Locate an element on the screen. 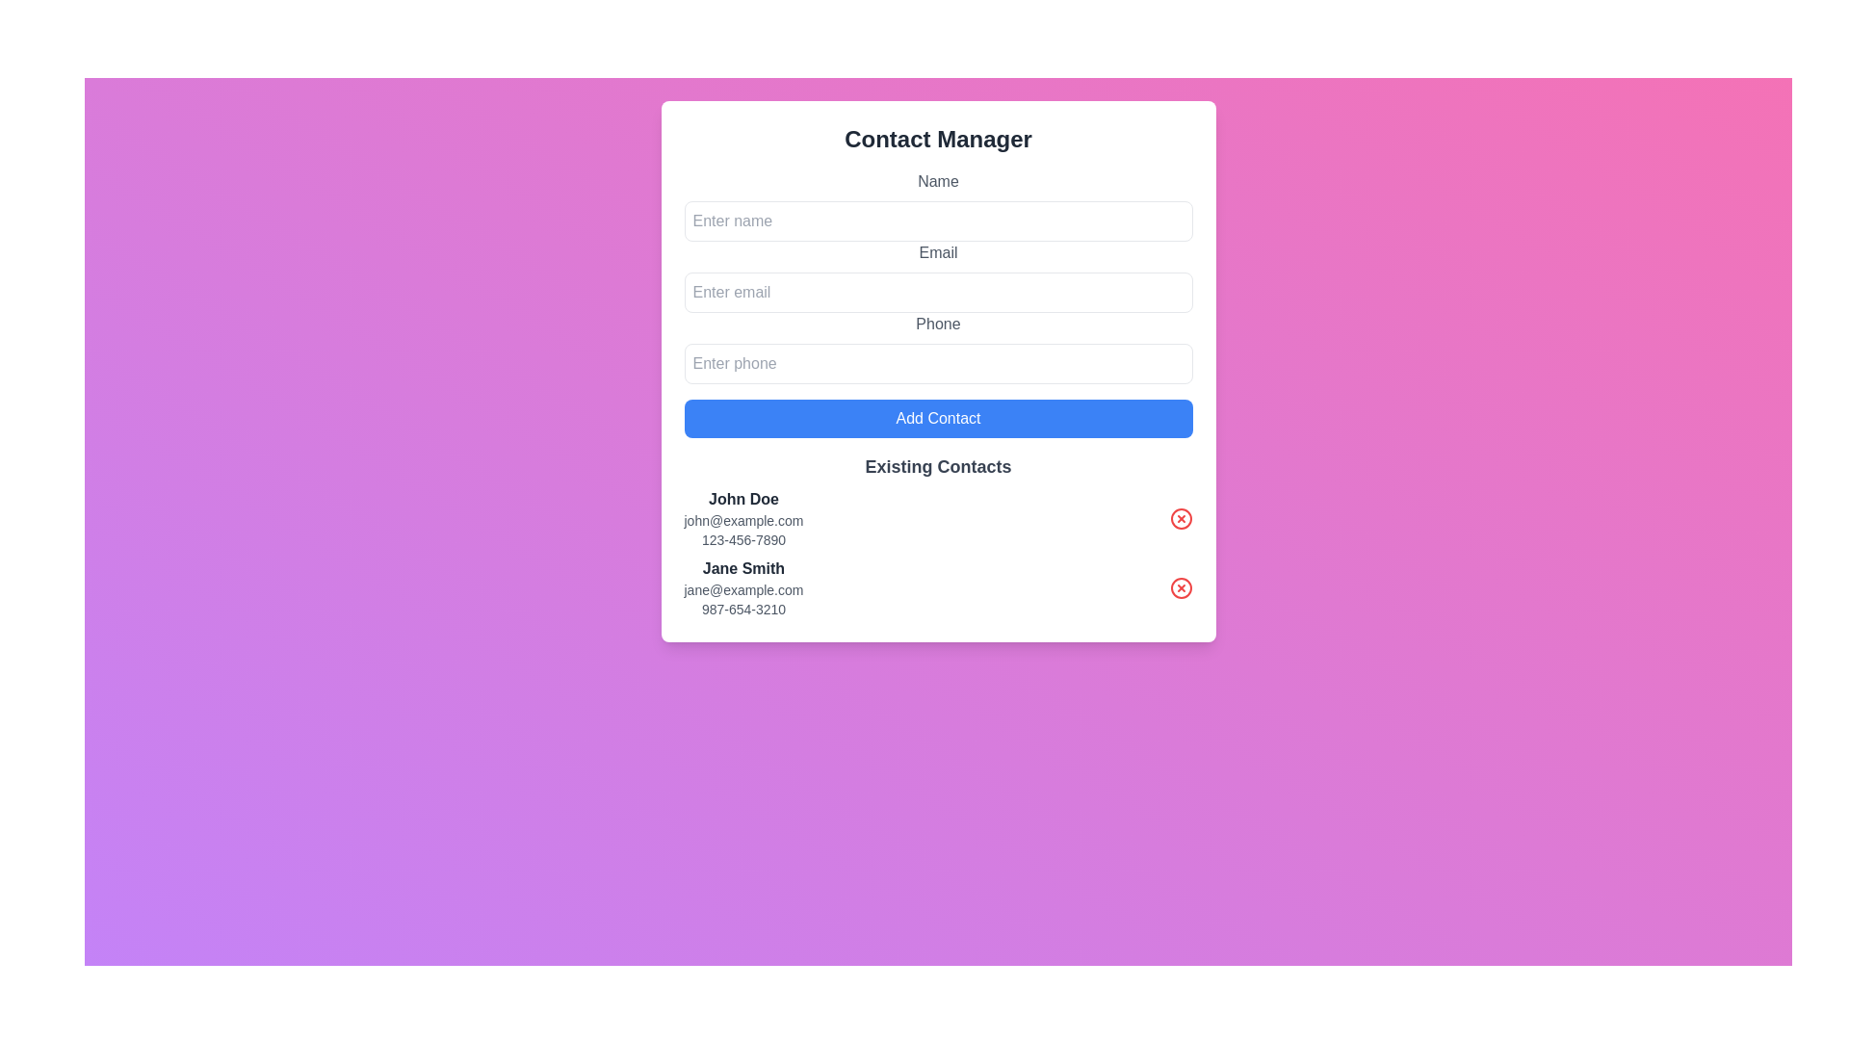  the 'Phone' input field is located at coordinates (938, 349).